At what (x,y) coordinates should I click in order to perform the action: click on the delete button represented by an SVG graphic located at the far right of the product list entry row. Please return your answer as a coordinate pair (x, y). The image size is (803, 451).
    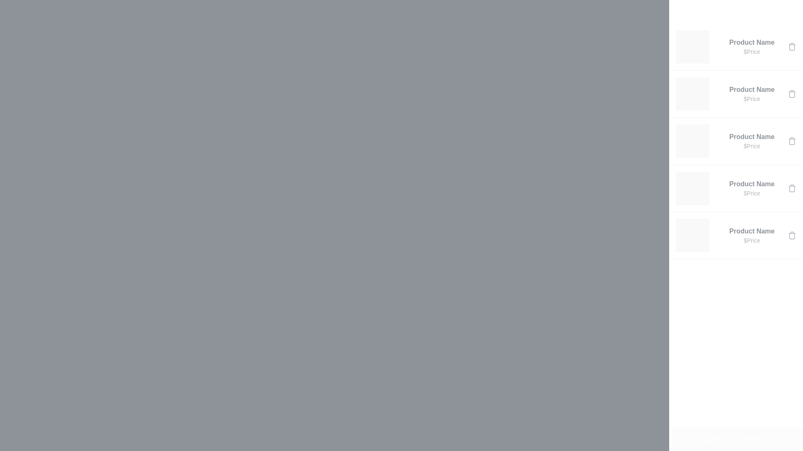
    Looking at the image, I should click on (792, 46).